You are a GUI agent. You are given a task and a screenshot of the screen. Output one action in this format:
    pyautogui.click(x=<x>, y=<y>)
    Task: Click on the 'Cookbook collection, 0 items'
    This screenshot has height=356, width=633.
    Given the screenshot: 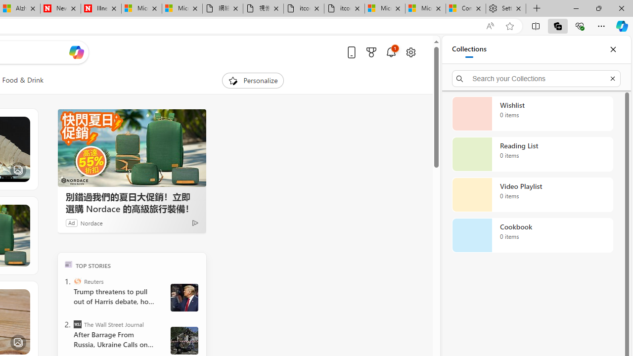 What is the action you would take?
    pyautogui.click(x=532, y=235)
    